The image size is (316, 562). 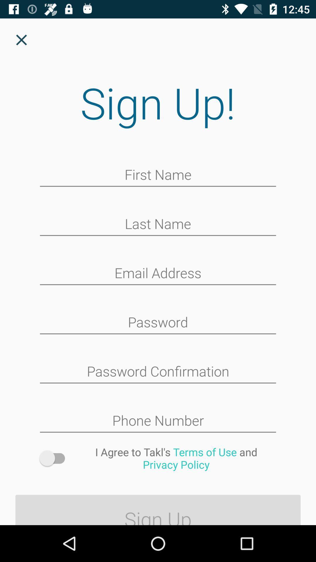 What do you see at coordinates (158, 273) in the screenshot?
I see `your email address` at bounding box center [158, 273].